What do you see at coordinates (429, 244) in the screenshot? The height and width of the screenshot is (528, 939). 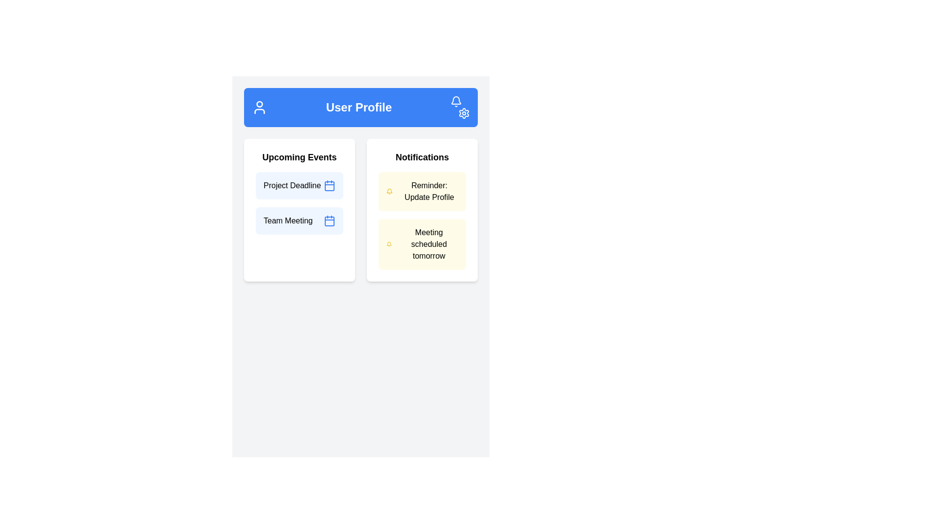 I see `the text display element that shows 'Meeting scheduled tomorrow' in the notifications section, which is the second item underneath 'Reminder: Update Profile'` at bounding box center [429, 244].